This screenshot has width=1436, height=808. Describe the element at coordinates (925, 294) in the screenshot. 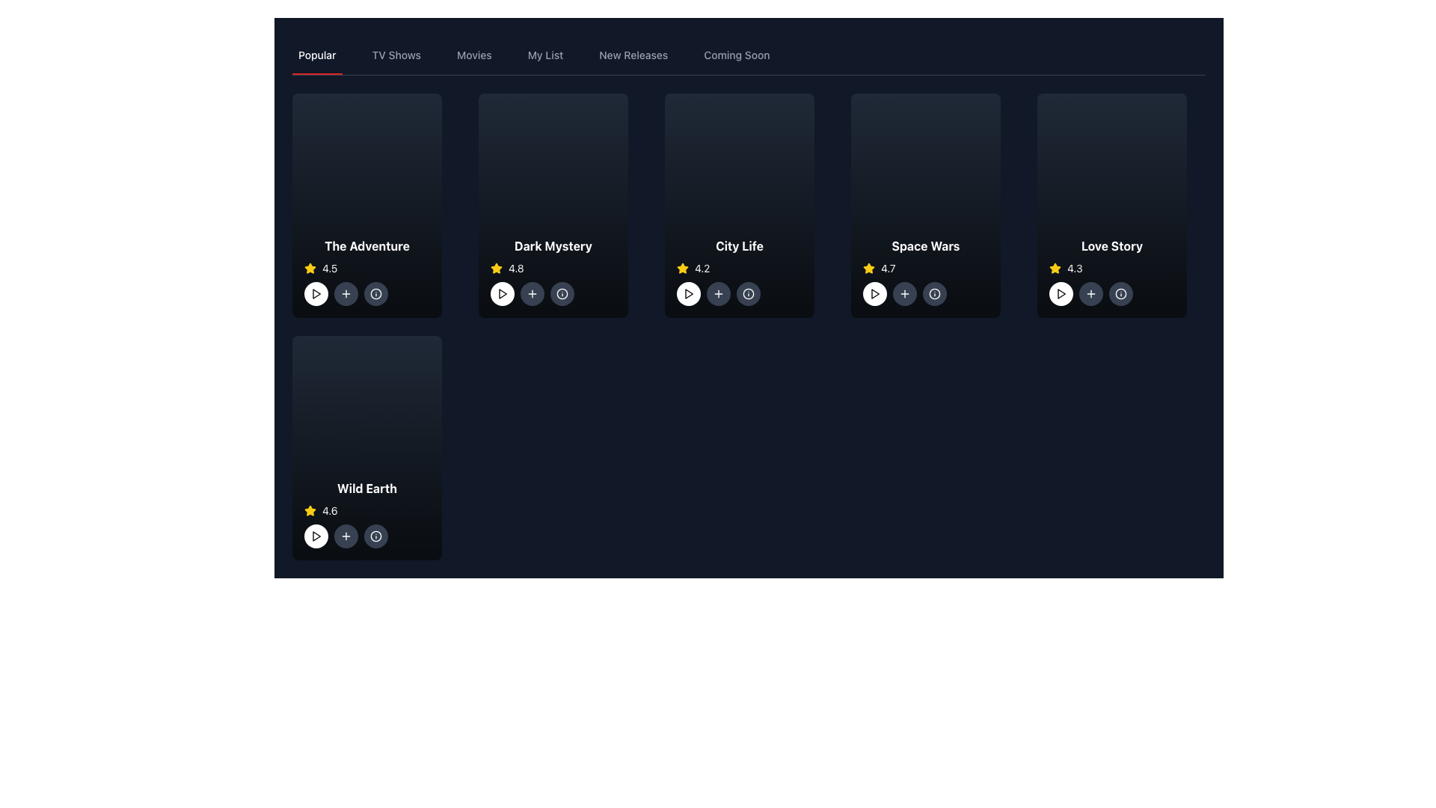

I see `the third circular button in the bottom section of the 'Space Wars' card` at that location.